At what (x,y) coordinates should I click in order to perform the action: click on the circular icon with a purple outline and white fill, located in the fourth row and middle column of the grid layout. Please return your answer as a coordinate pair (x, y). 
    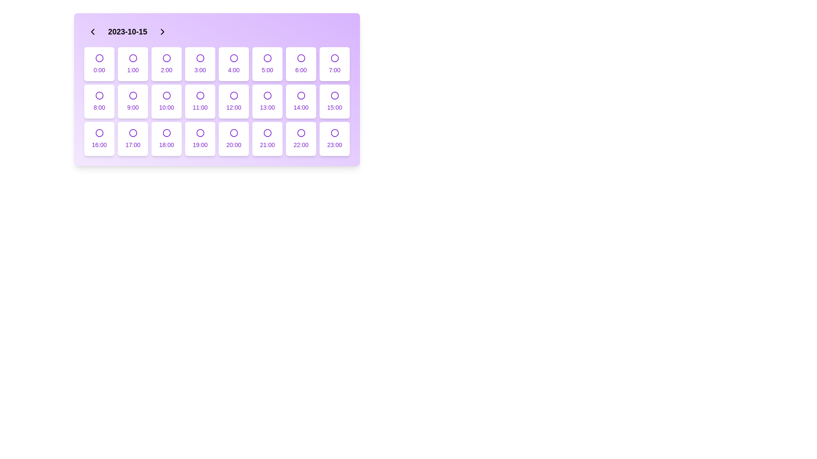
    Looking at the image, I should click on (234, 95).